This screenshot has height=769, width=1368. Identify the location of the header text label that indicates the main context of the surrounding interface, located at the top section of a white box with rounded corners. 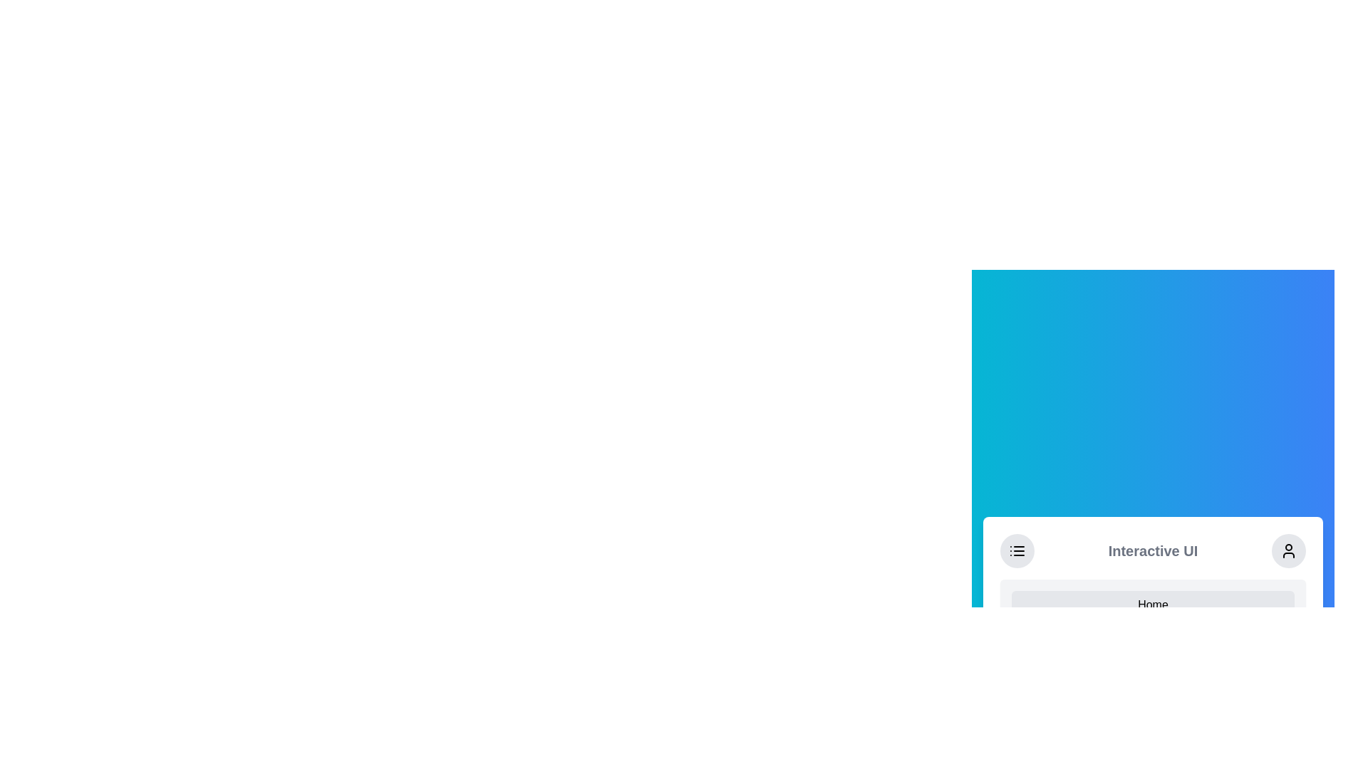
(1153, 550).